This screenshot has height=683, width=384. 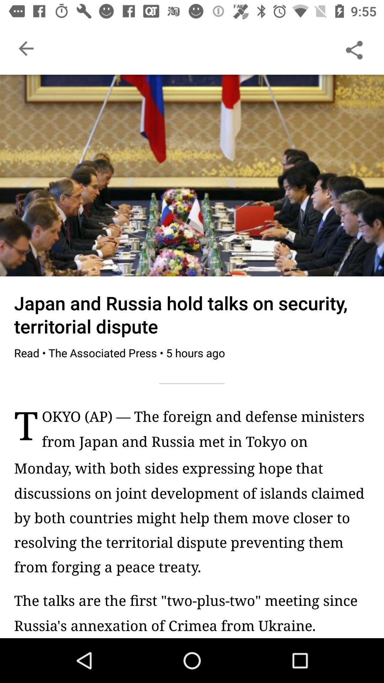 I want to click on the the talks are icon, so click(x=192, y=612).